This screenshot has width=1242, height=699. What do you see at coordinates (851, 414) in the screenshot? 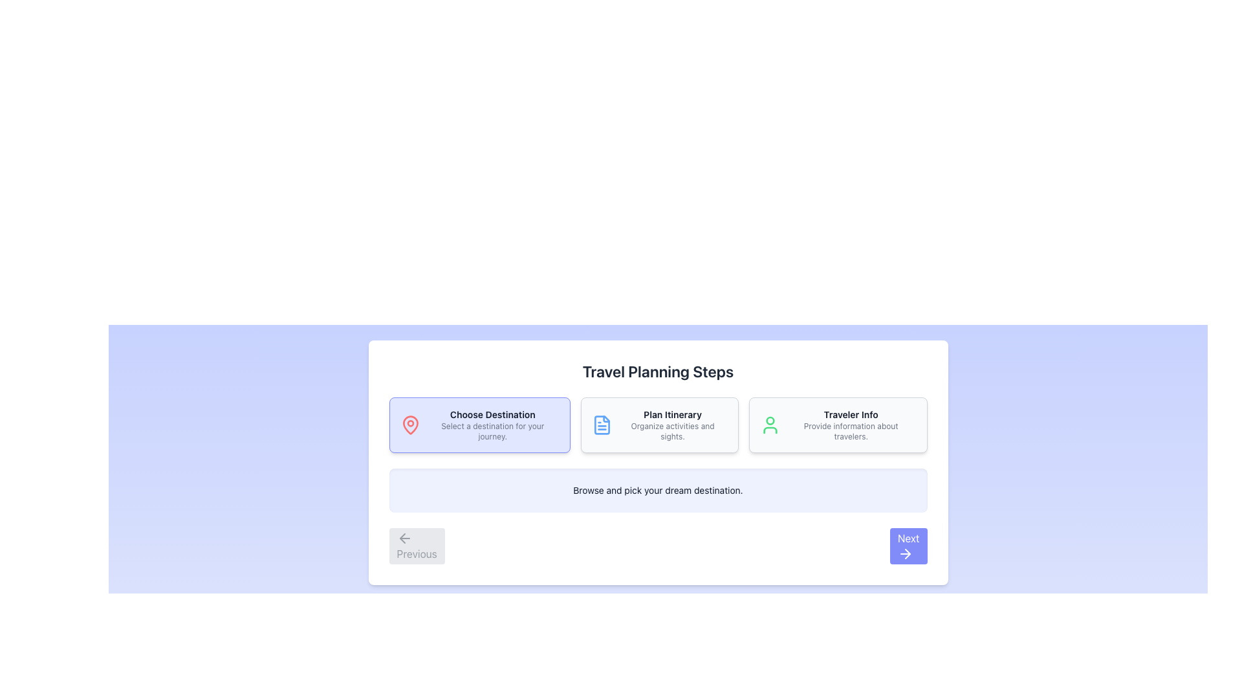
I see `the title text label located at the top of the rightmost tile in the horizontal layout beneath 'Travel Planning Steps'` at bounding box center [851, 414].